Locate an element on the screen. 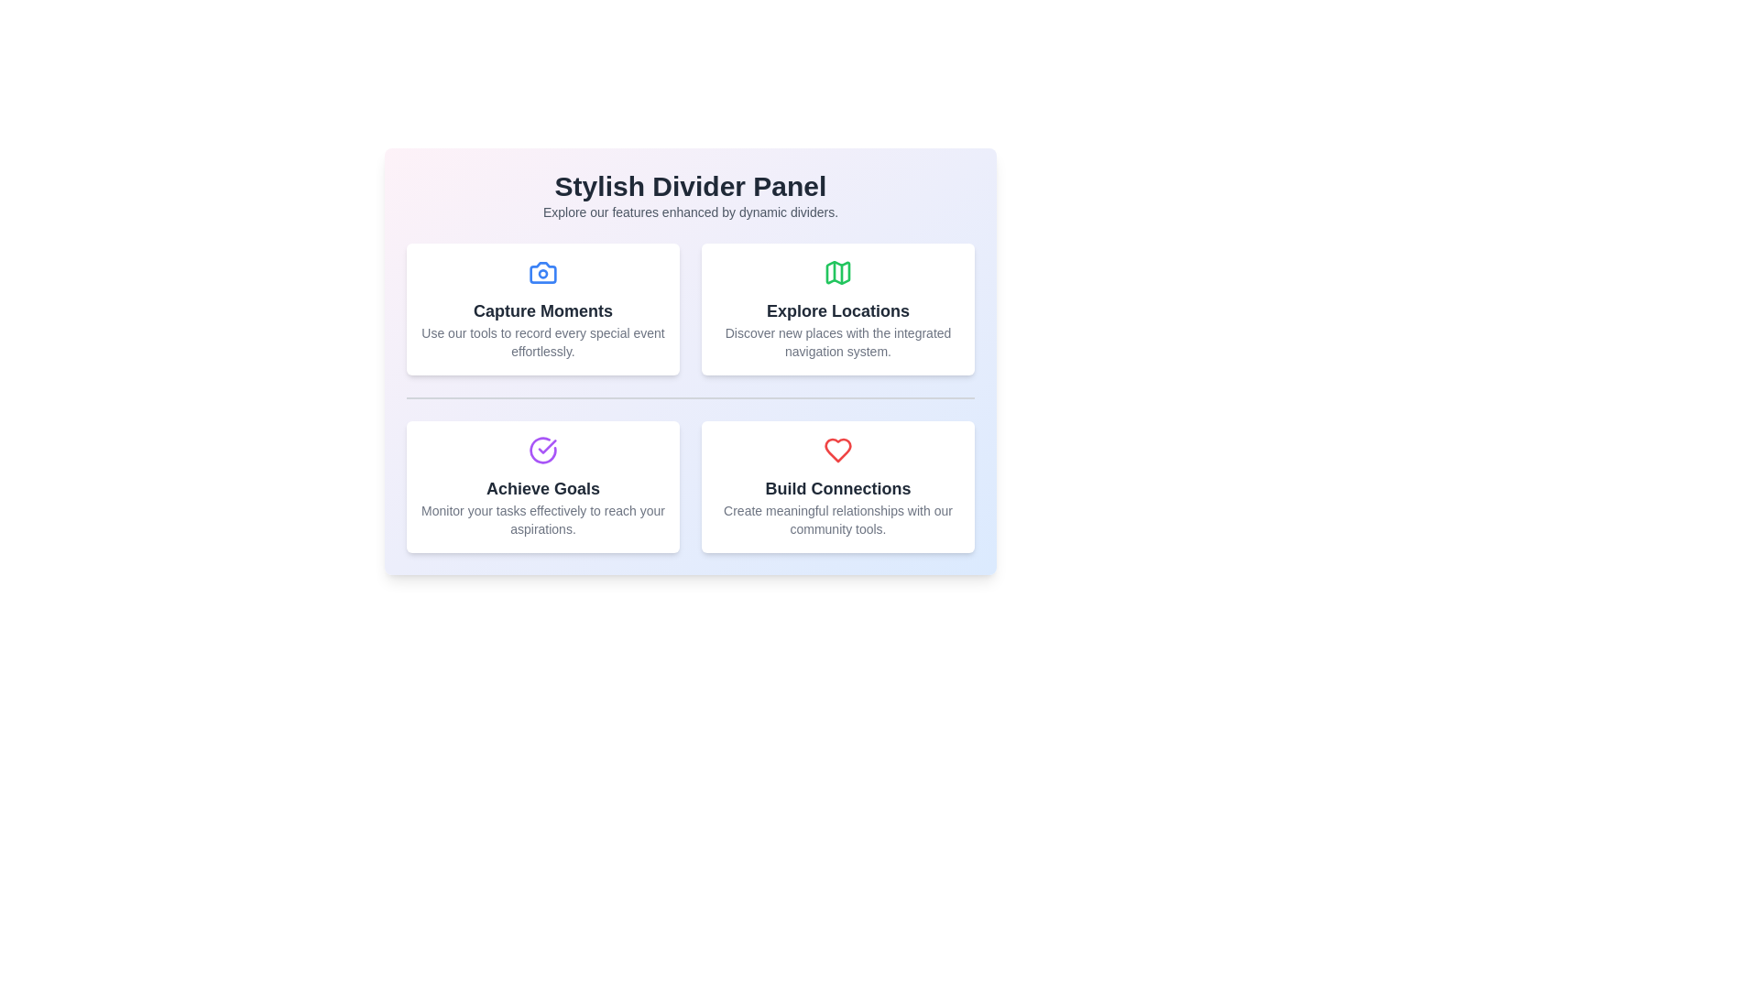 The height and width of the screenshot is (989, 1759). the static text heading located in the lower-left feature card, which serves as the main title conveying the purpose of the card's content is located at coordinates (542, 487).